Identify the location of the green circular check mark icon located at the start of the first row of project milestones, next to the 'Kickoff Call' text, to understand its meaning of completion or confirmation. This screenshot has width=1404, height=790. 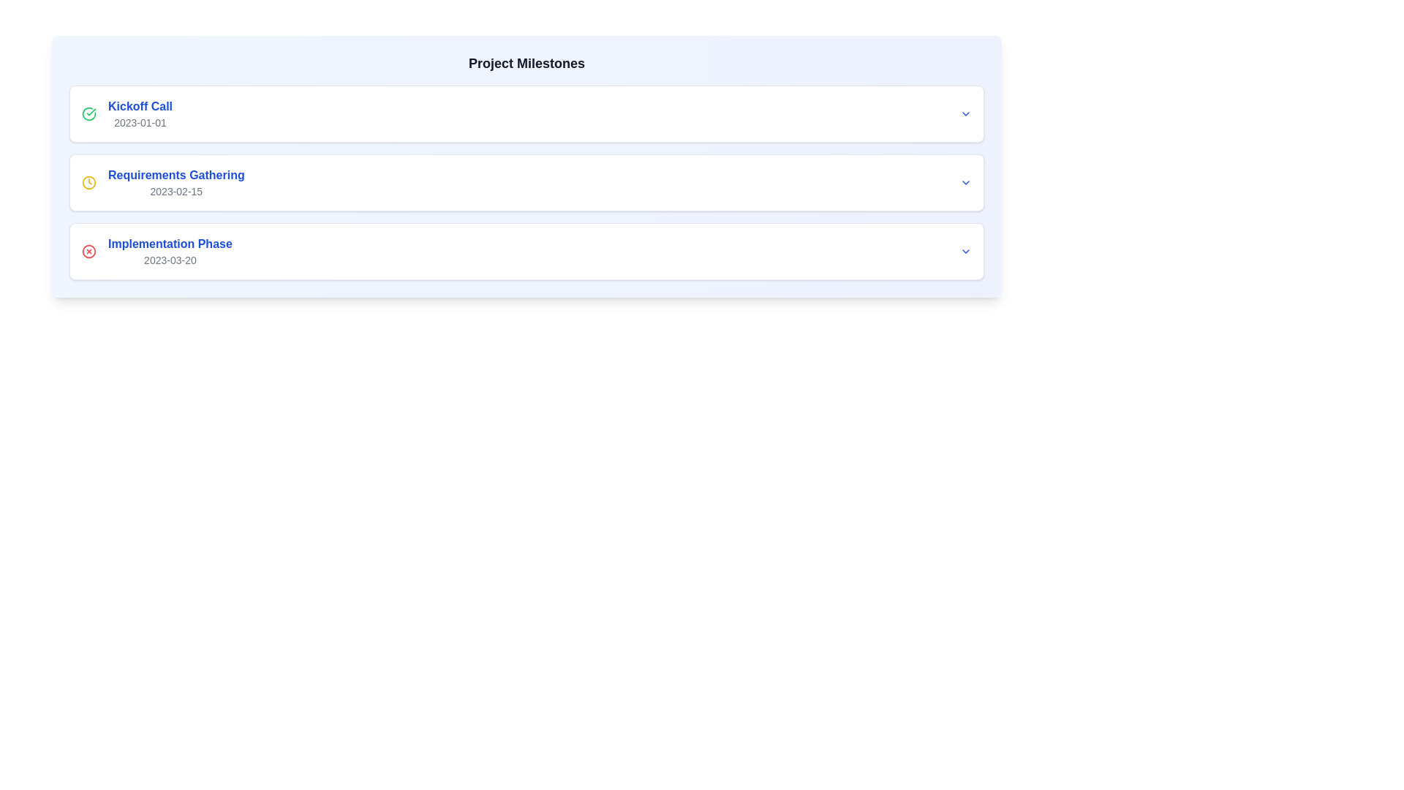
(88, 113).